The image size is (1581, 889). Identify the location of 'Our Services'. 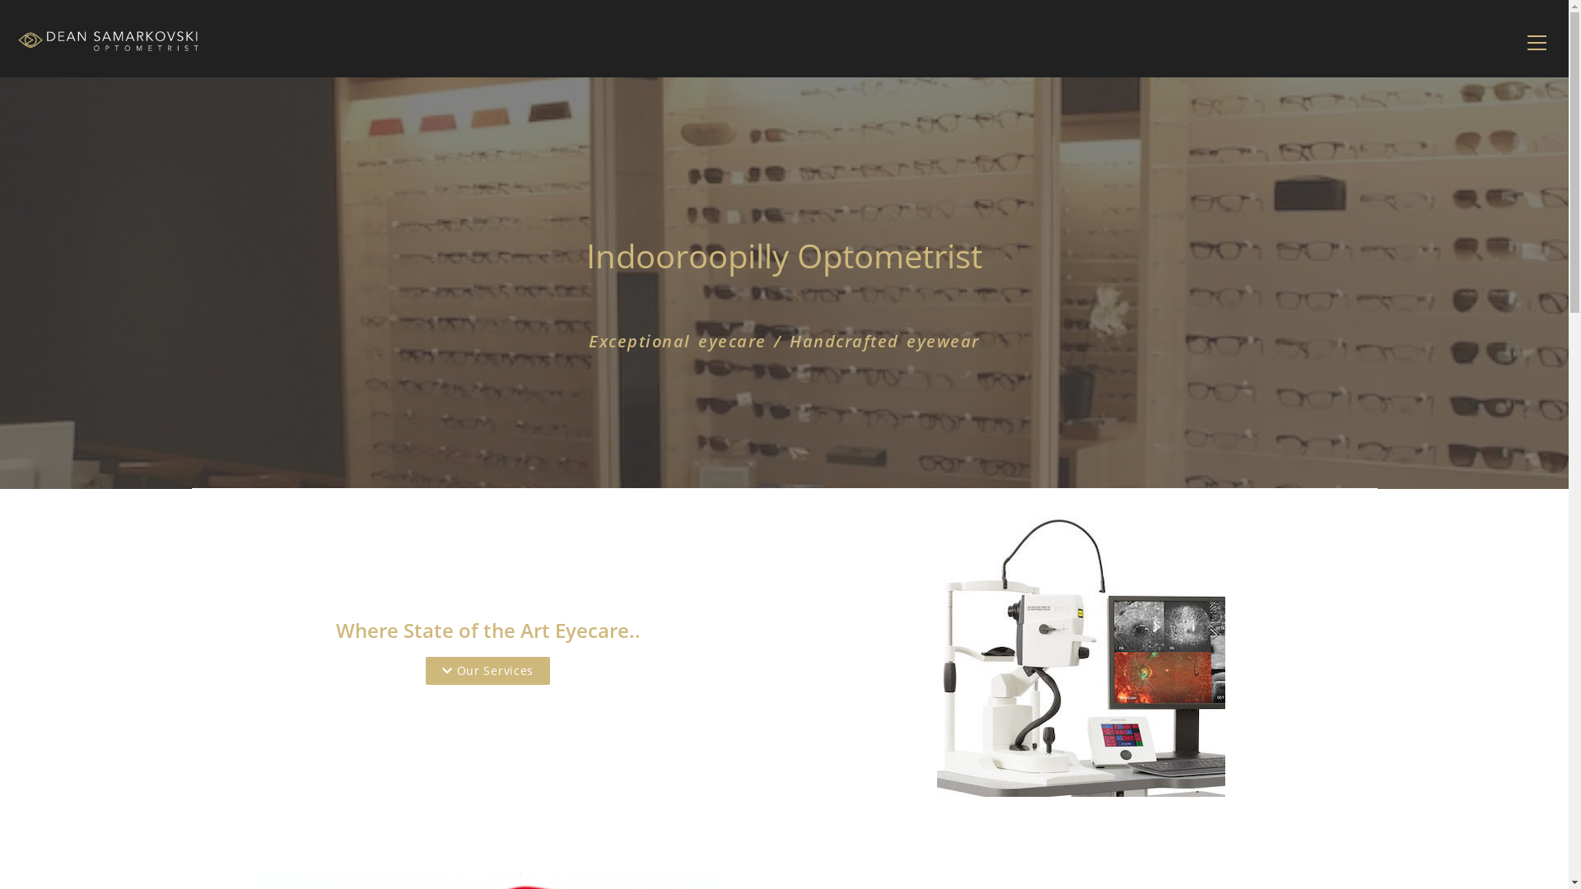
(487, 670).